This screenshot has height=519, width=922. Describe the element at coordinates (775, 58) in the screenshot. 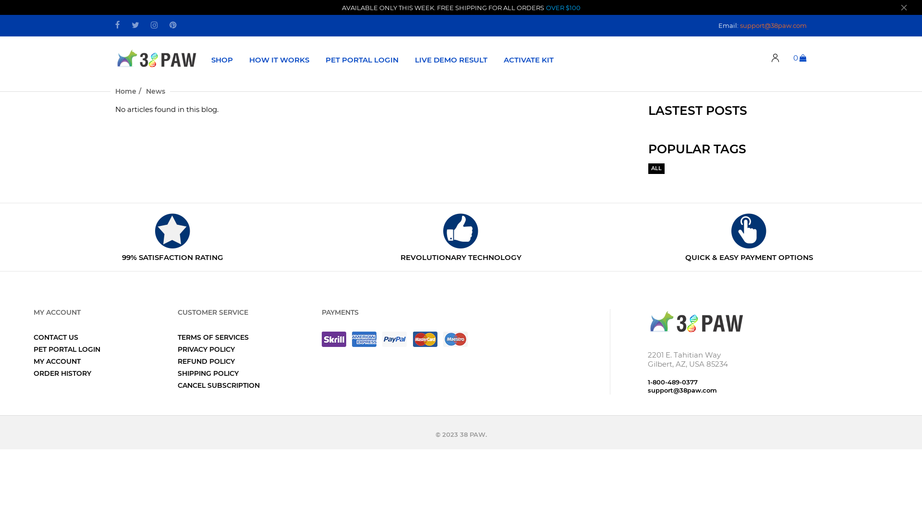

I see `'Sign in'` at that location.